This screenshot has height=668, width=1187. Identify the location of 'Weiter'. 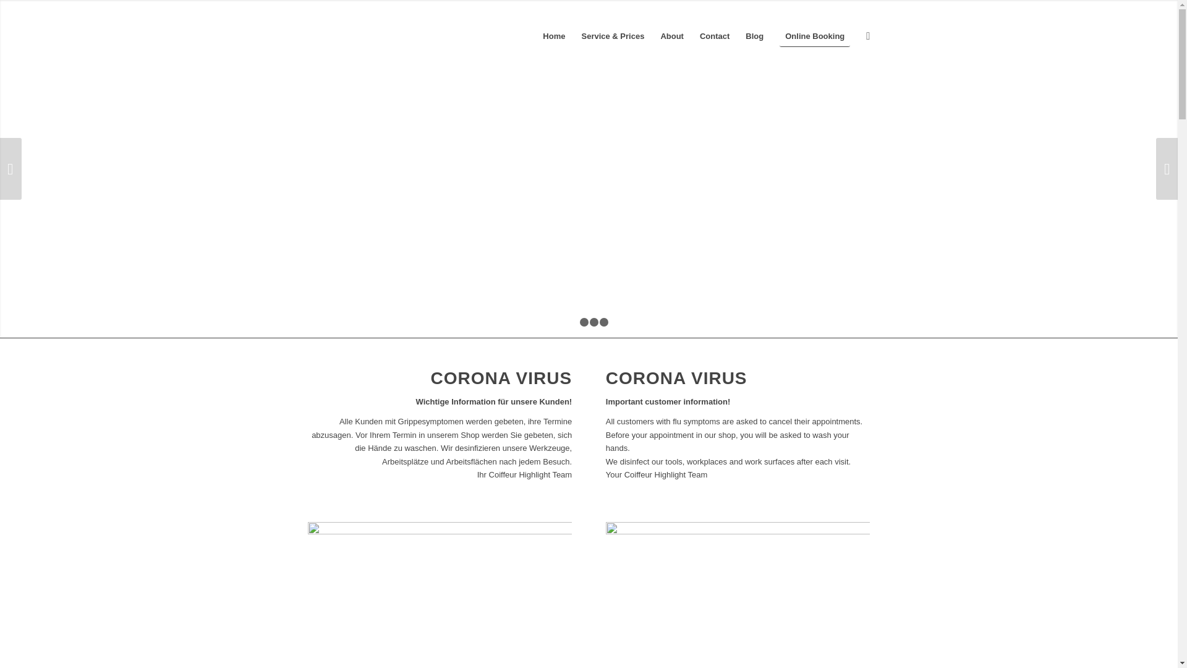
(1166, 169).